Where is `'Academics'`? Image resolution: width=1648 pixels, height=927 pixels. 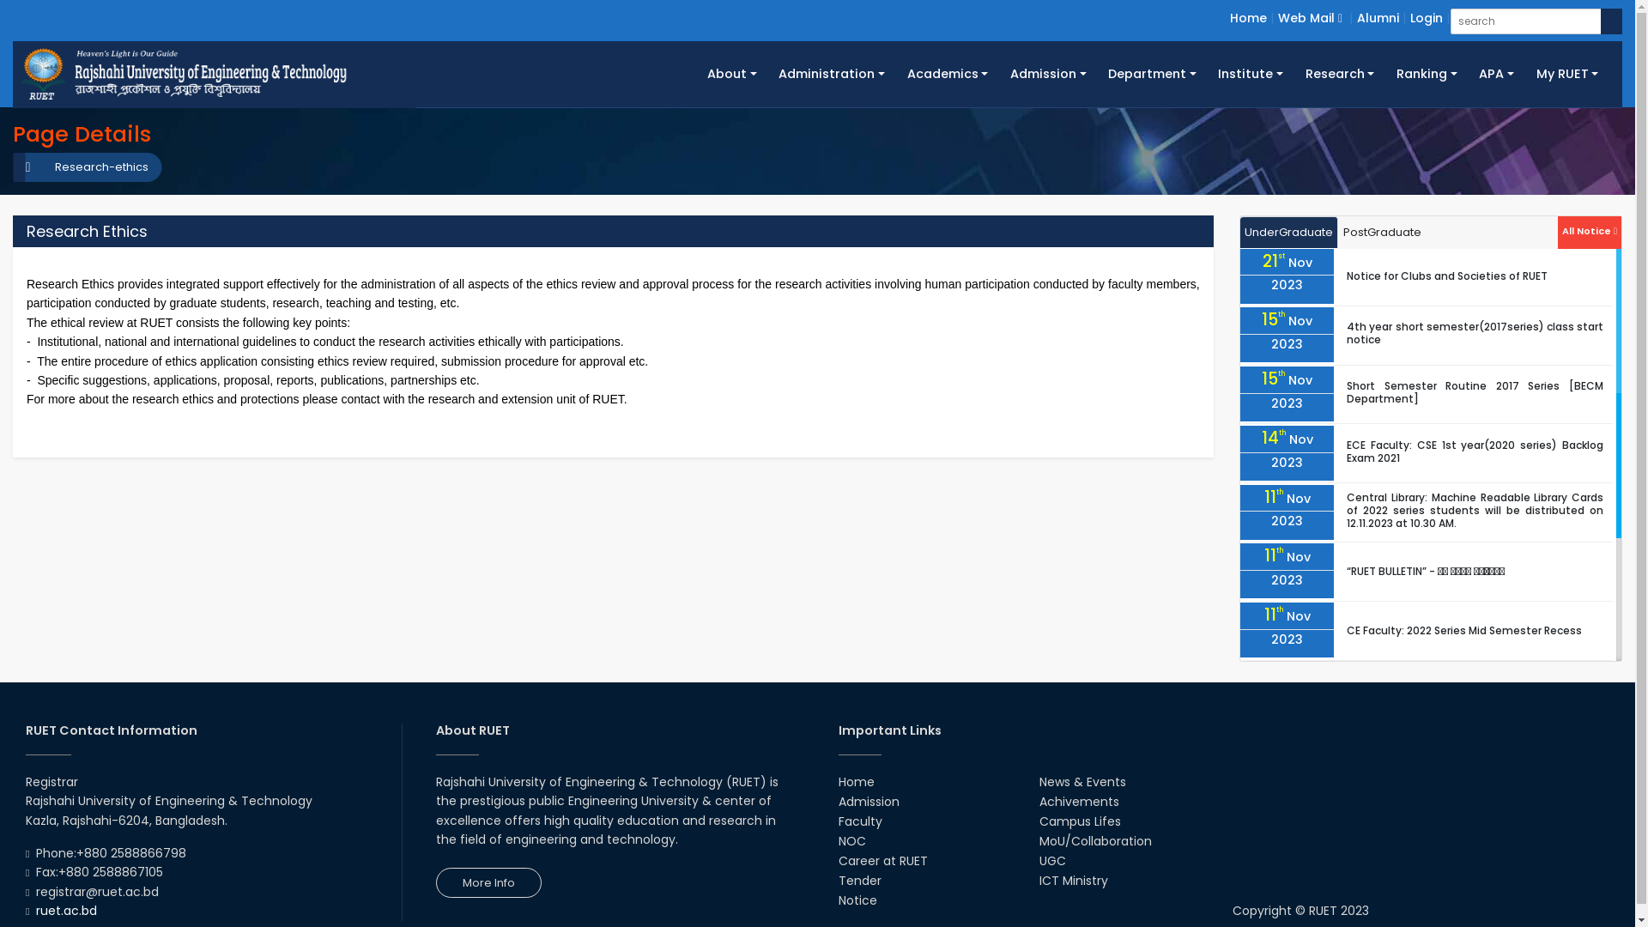 'Academics' is located at coordinates (894, 73).